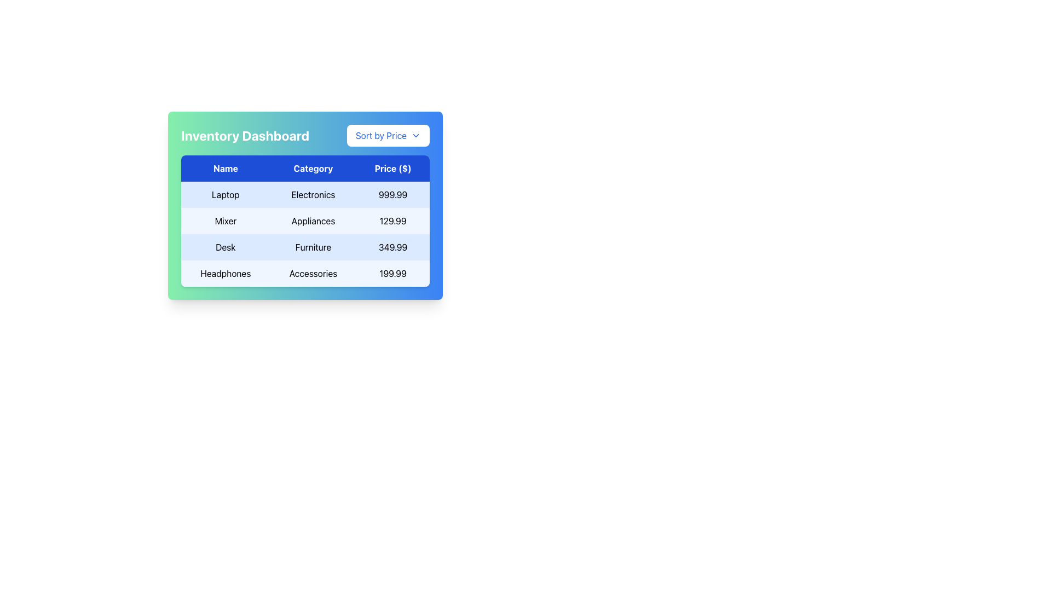 The height and width of the screenshot is (591, 1051). Describe the element at coordinates (225, 194) in the screenshot. I see `the table cell displaying the text 'Laptop' which is centered inside a light blue cell in the 'Name' column of the table` at that location.